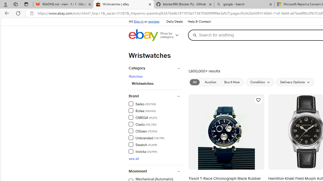 The width and height of the screenshot is (323, 181). Describe the element at coordinates (154, 78) in the screenshot. I see `'CategoryWatchesSelected categoryWristwatches'` at that location.